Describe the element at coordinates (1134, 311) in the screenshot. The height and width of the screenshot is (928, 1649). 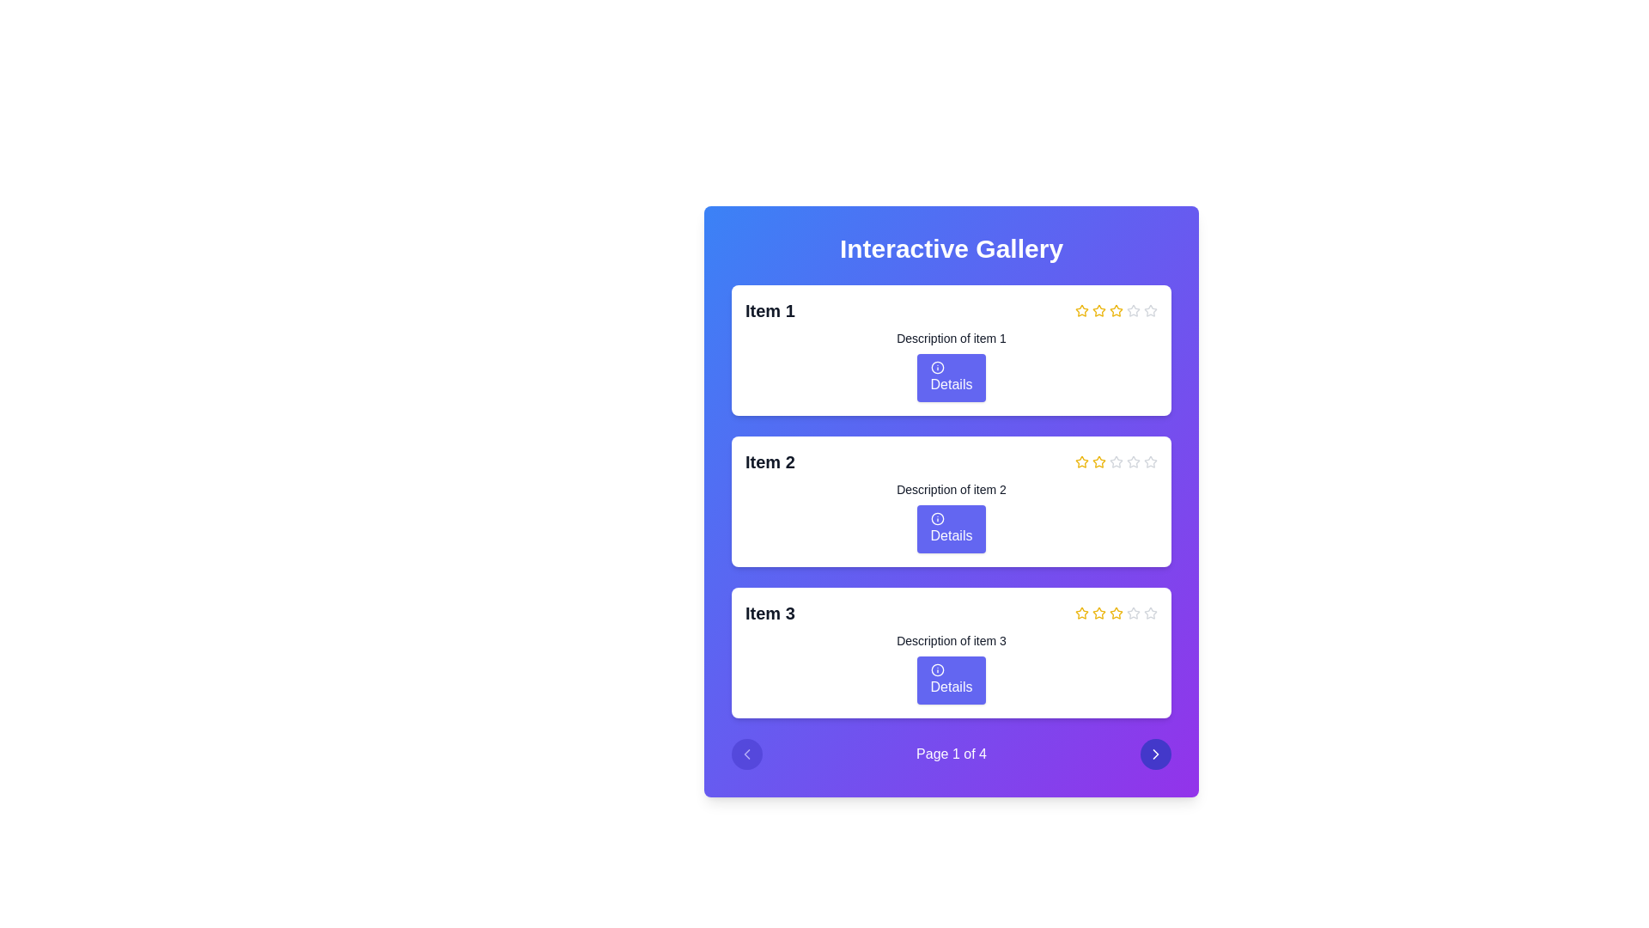
I see `the fourth star icon used for ratings` at that location.